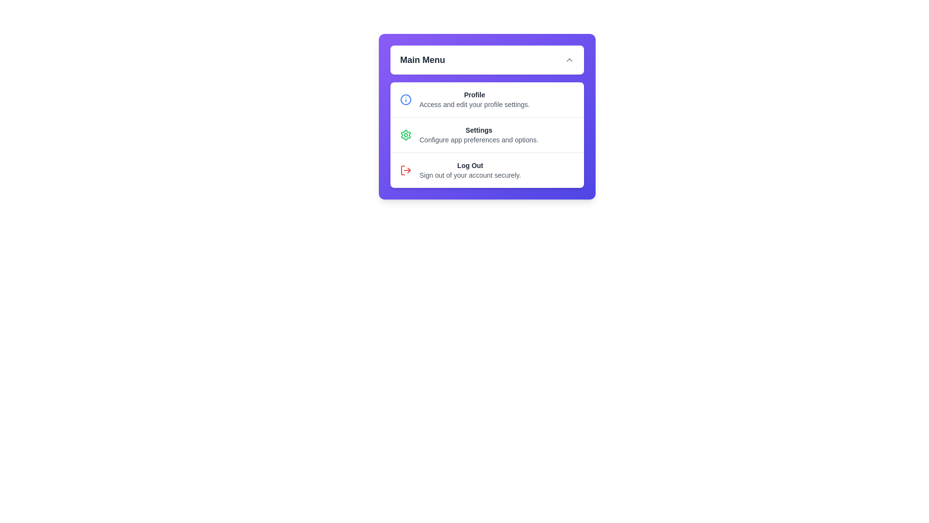 This screenshot has width=929, height=523. What do you see at coordinates (406, 99) in the screenshot?
I see `the icon next to the Profile menu item` at bounding box center [406, 99].